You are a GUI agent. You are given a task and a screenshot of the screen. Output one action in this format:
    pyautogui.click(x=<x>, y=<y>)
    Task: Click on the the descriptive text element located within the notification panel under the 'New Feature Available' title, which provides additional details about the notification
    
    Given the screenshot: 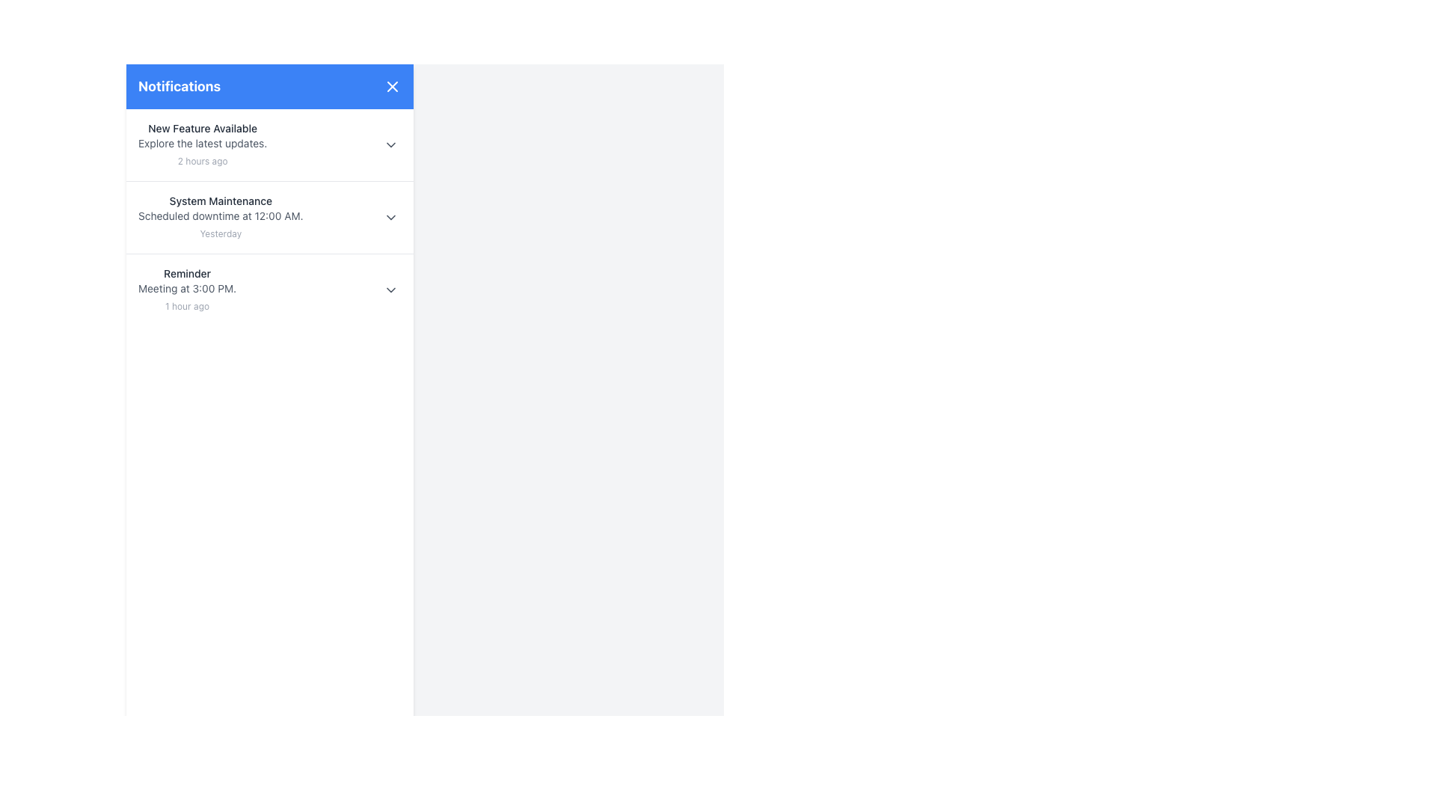 What is the action you would take?
    pyautogui.click(x=202, y=144)
    